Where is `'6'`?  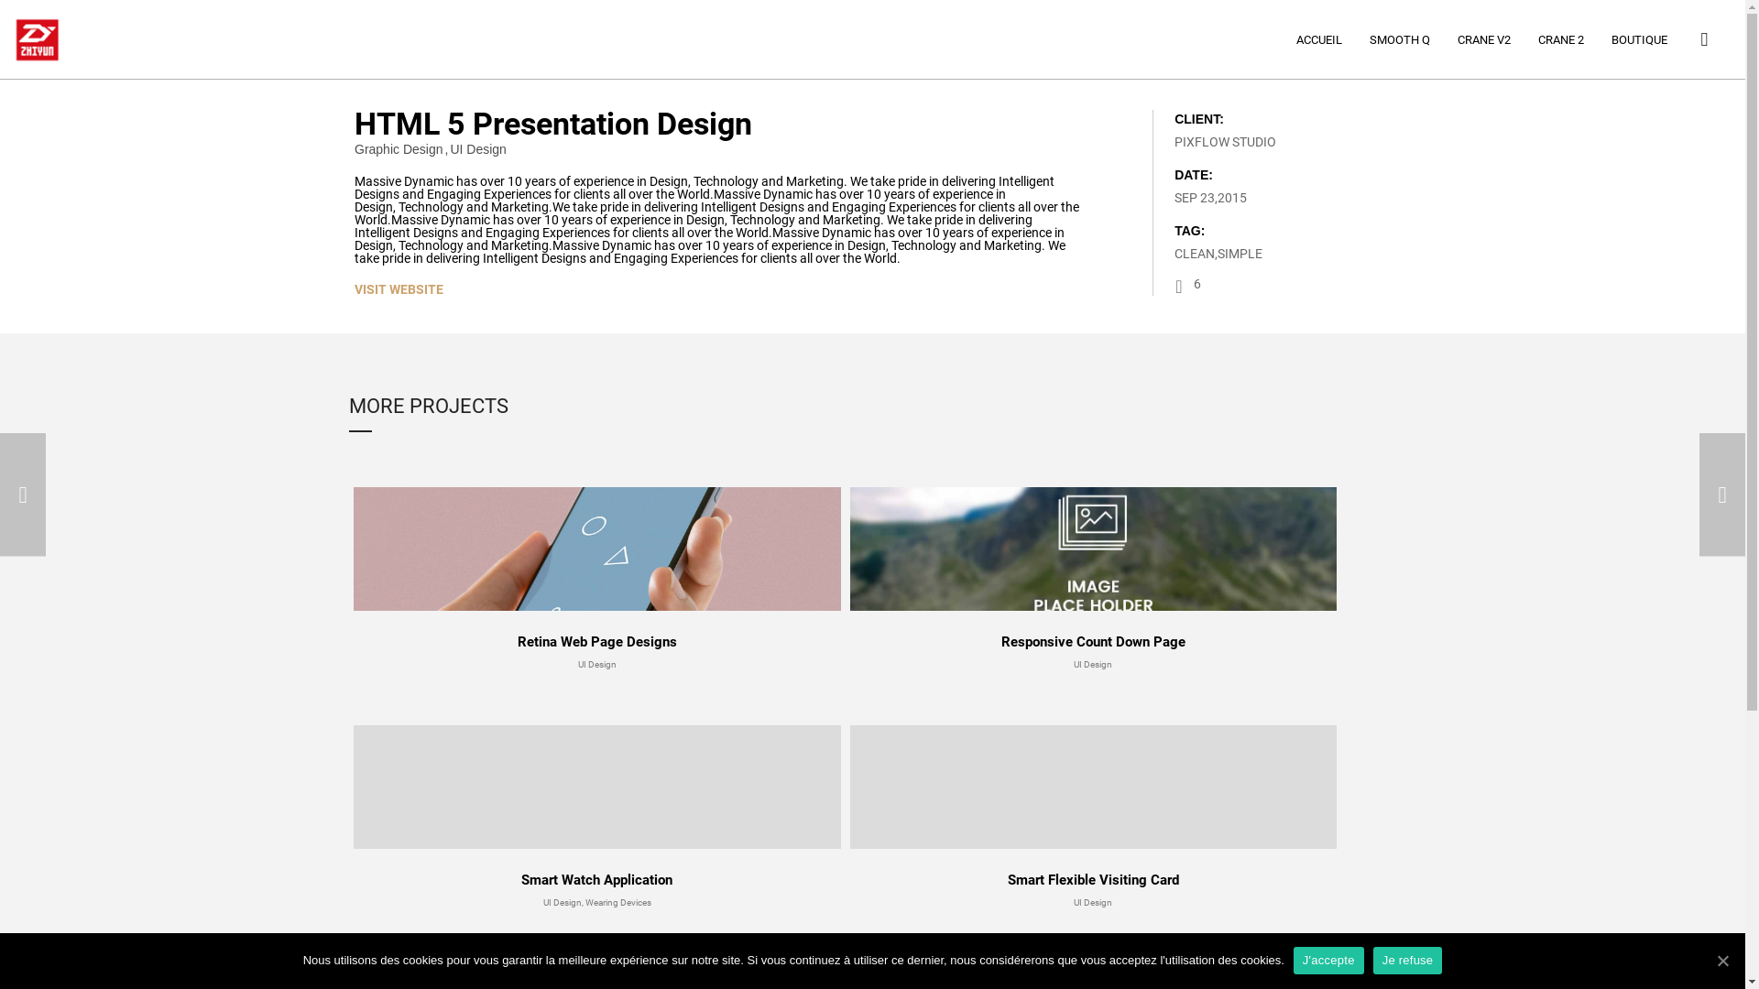 '6' is located at coordinates (1187, 286).